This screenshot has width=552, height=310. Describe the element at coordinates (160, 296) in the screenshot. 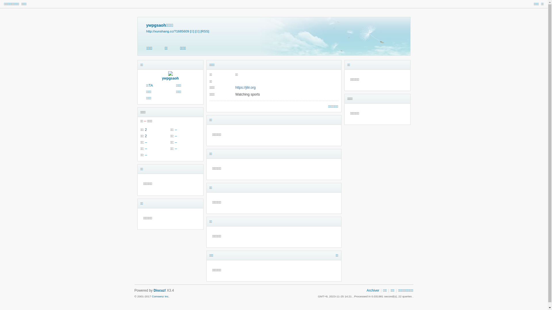

I see `'Comsenz Inc.'` at that location.